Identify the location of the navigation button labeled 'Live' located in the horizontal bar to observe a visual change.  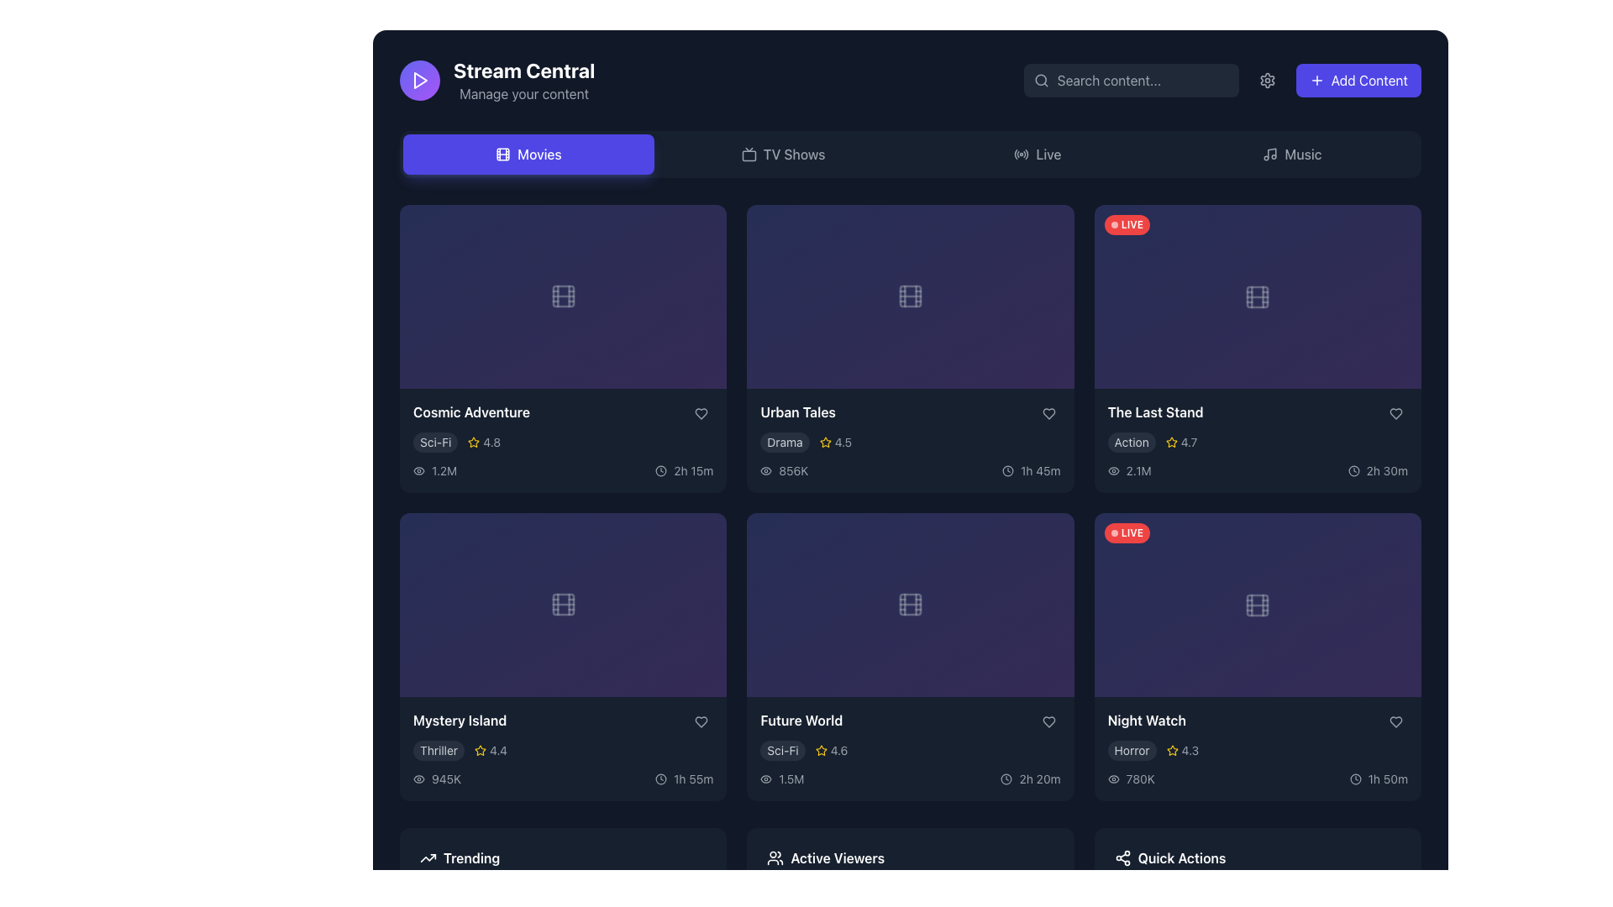
(1037, 155).